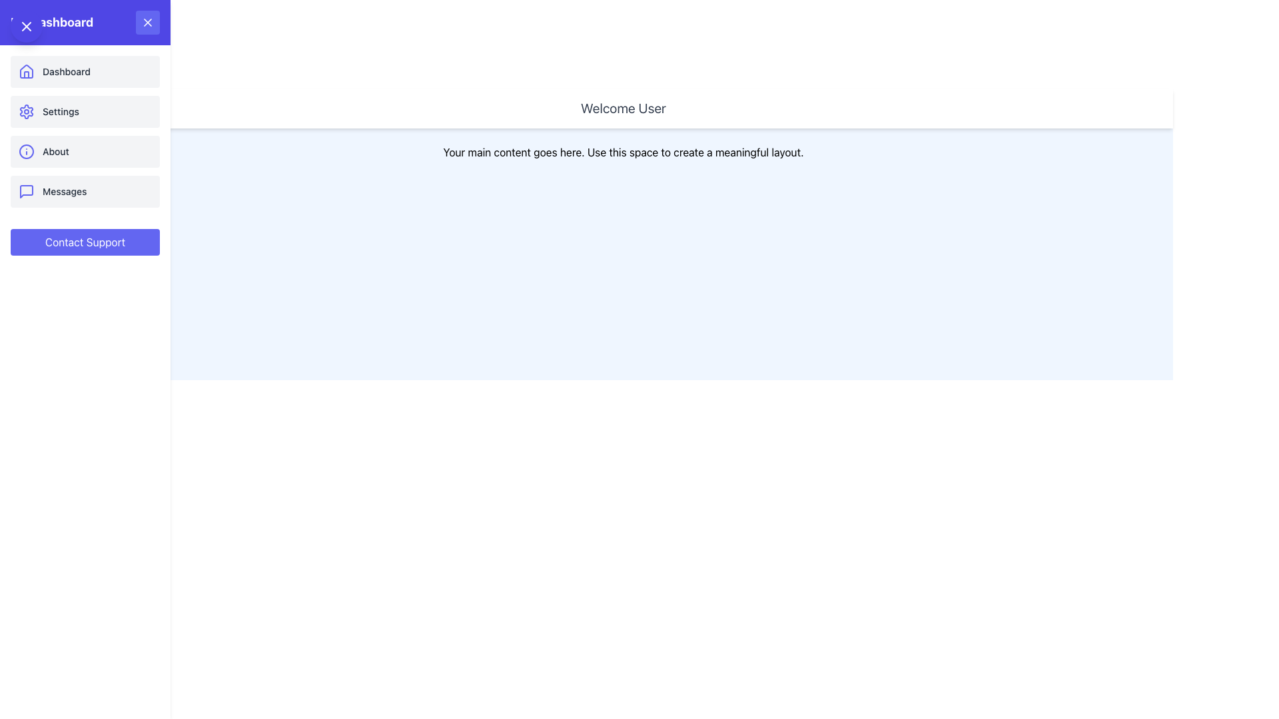  I want to click on the indigo house-shaped icon located in the side navigation menu, so click(26, 72).